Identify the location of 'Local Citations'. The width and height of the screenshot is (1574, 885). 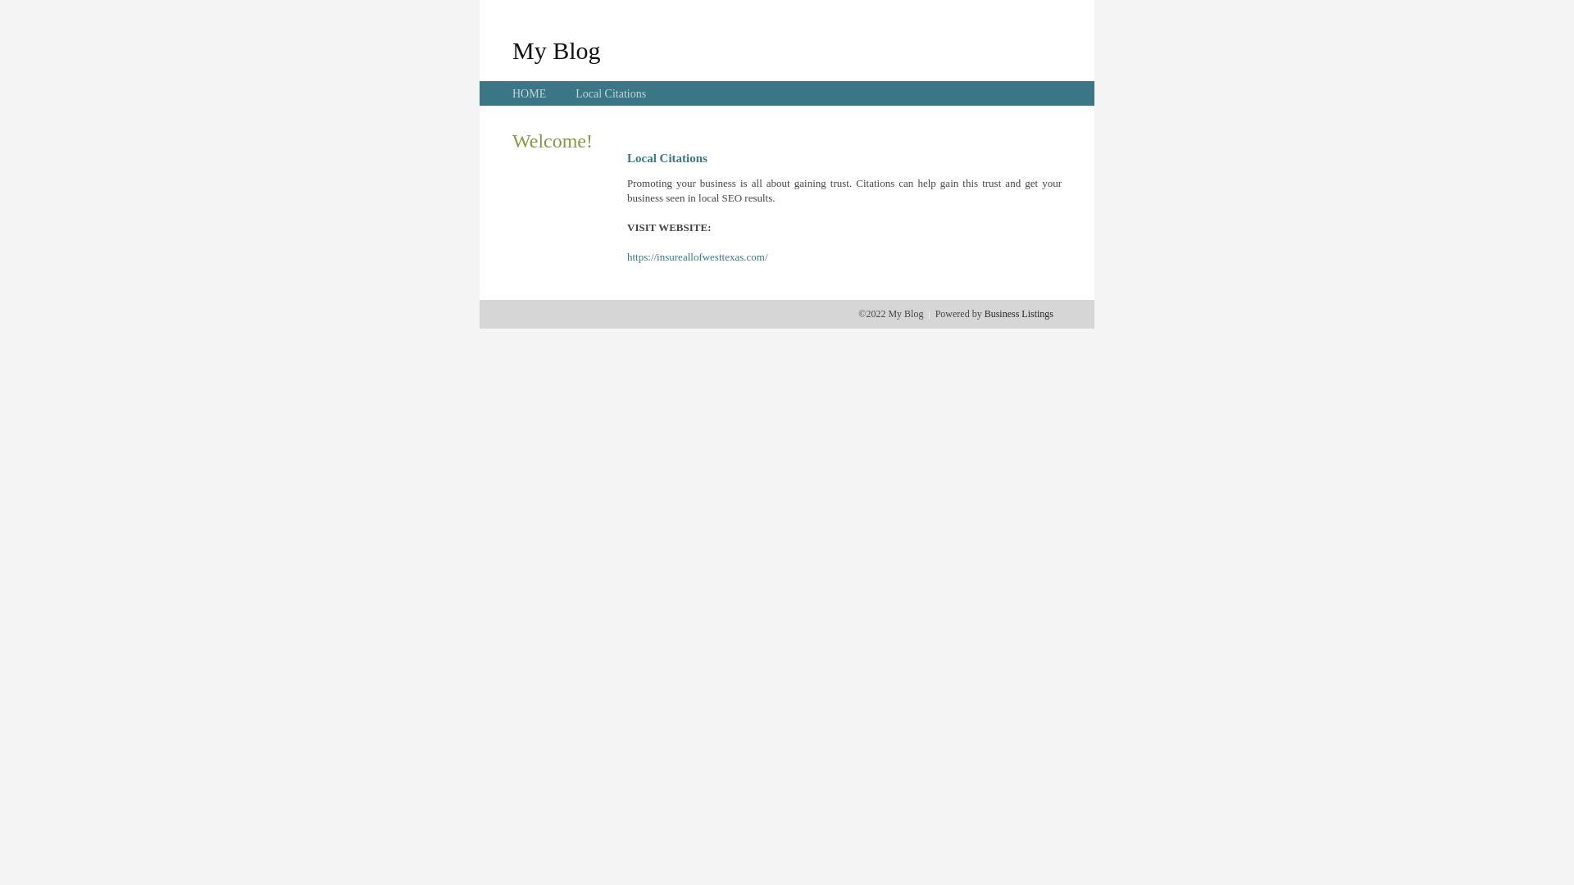
(575, 93).